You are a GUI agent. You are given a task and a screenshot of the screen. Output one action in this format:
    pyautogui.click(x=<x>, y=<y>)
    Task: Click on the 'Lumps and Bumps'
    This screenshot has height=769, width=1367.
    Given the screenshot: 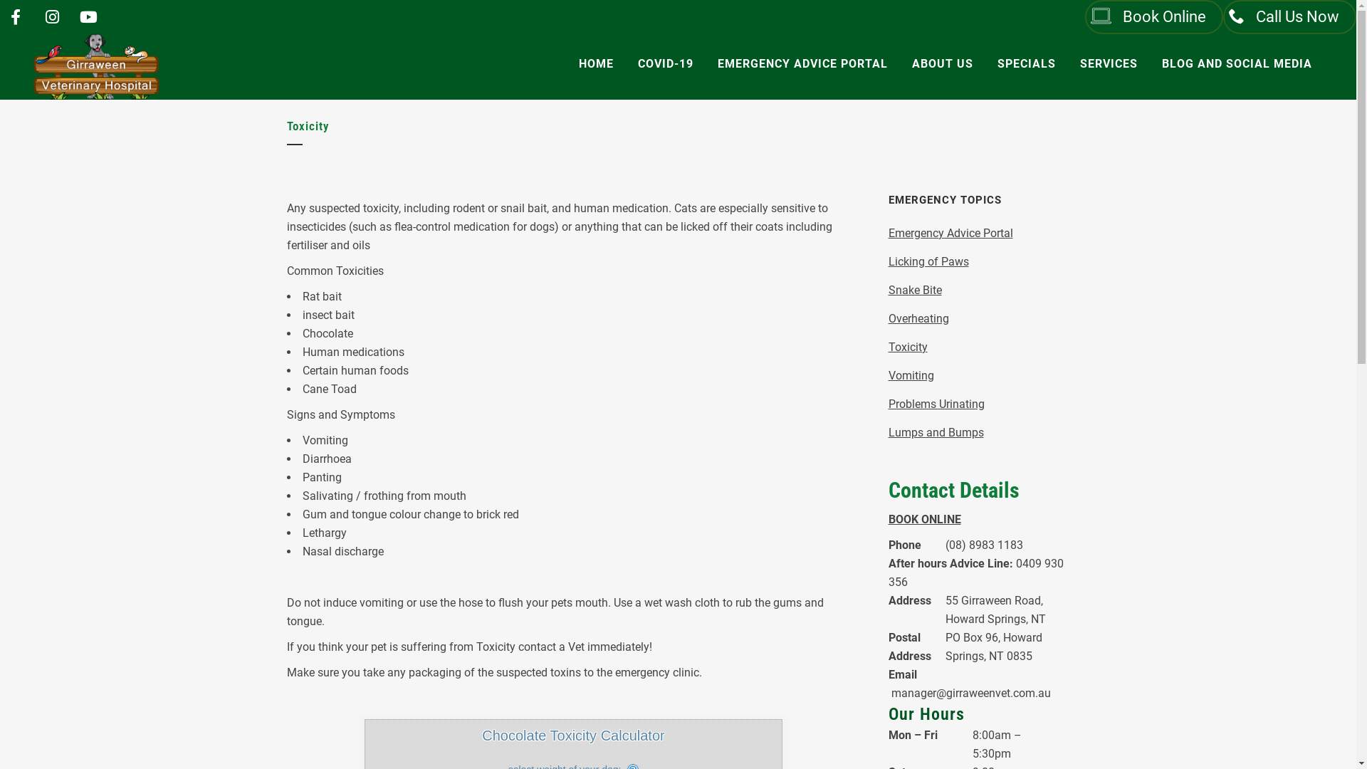 What is the action you would take?
    pyautogui.click(x=936, y=431)
    